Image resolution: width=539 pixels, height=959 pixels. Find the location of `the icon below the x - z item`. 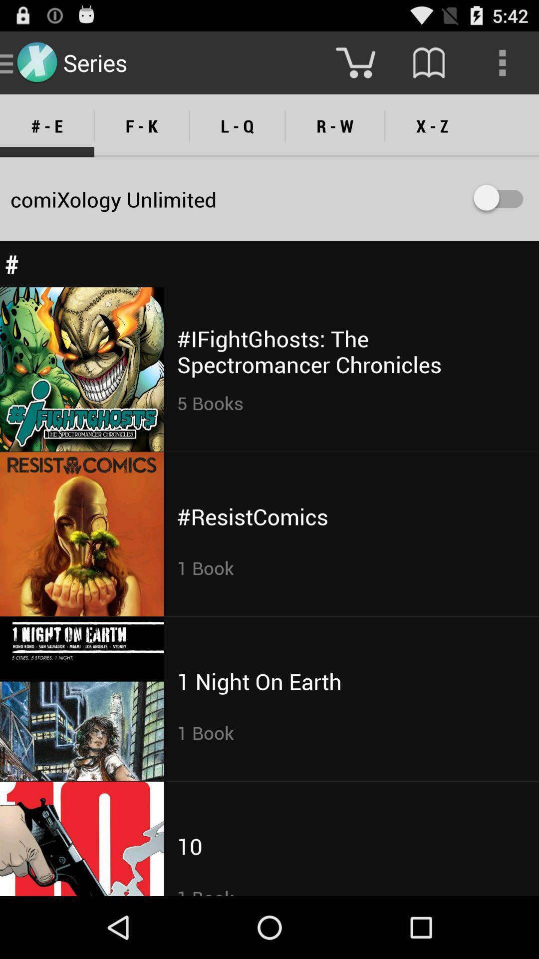

the icon below the x - z item is located at coordinates (500, 199).